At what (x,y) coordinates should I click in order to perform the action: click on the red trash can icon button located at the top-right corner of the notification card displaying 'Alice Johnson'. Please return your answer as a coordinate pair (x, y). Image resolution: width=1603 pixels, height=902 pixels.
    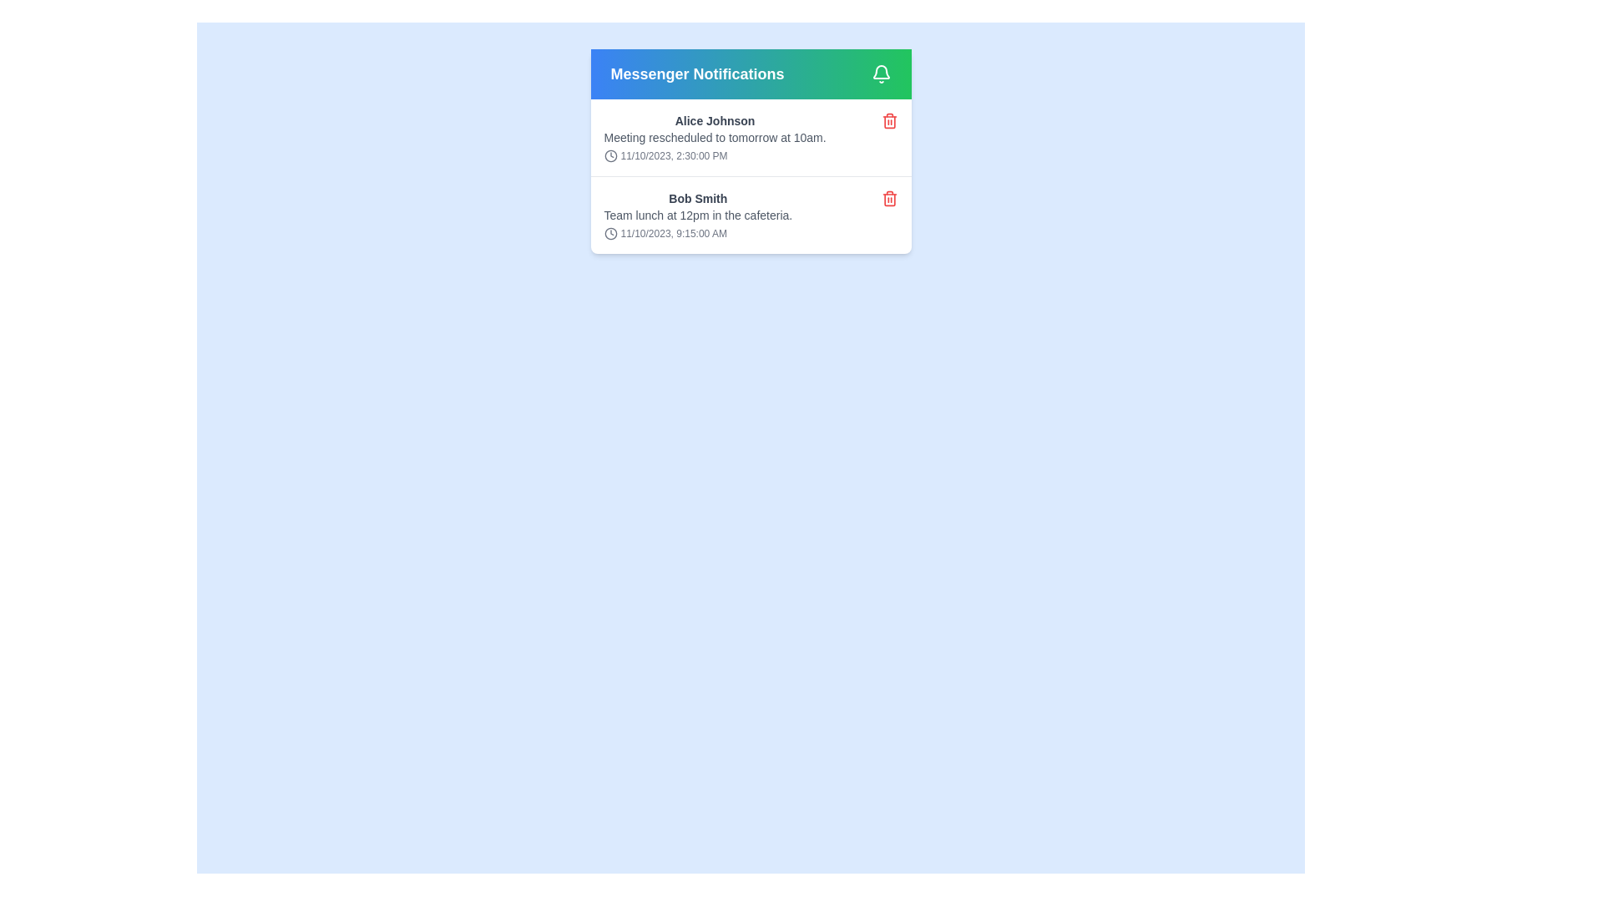
    Looking at the image, I should click on (888, 120).